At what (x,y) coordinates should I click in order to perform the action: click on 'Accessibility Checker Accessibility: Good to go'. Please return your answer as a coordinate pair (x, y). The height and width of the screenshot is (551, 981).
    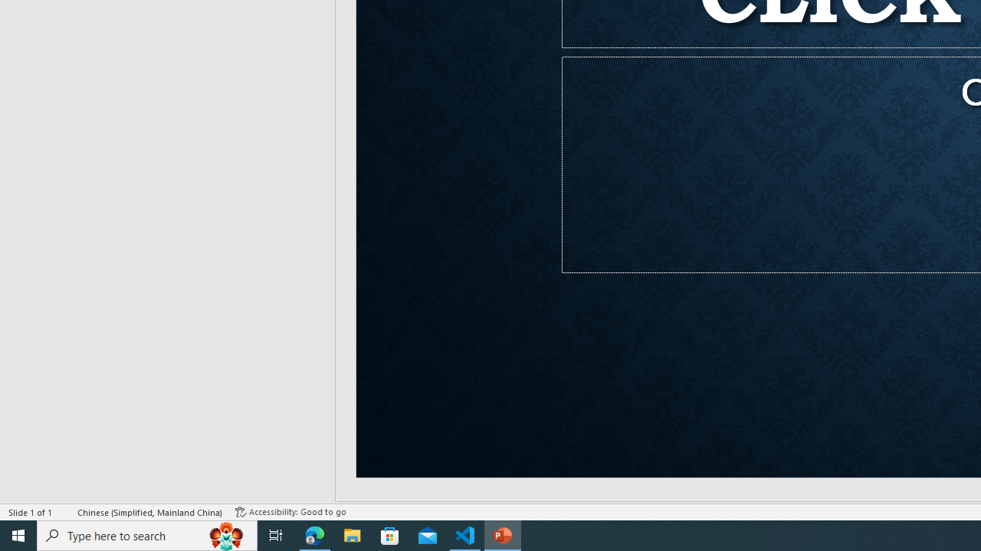
    Looking at the image, I should click on (290, 512).